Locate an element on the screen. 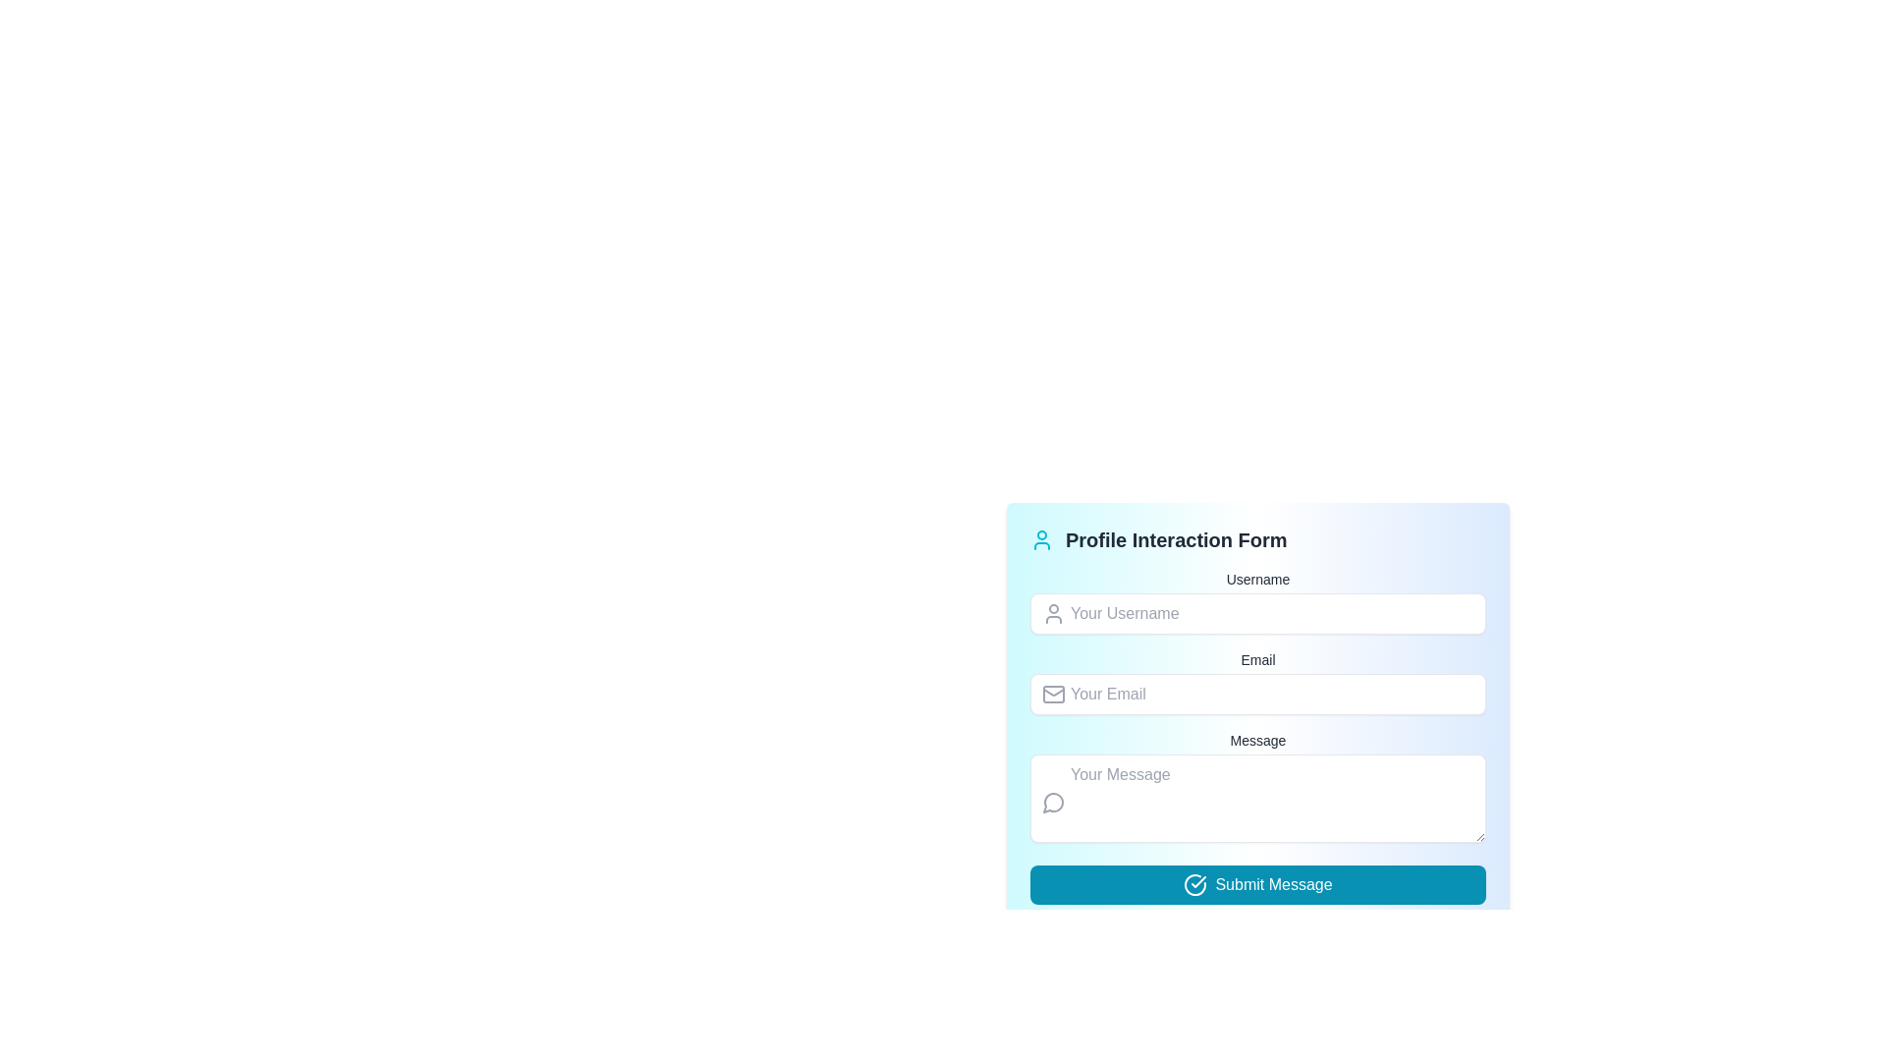 Image resolution: width=1886 pixels, height=1061 pixels. the 'Message' label, which is a medium-sized gray text label positioned above the 'Your Message' text area input field is located at coordinates (1258, 740).